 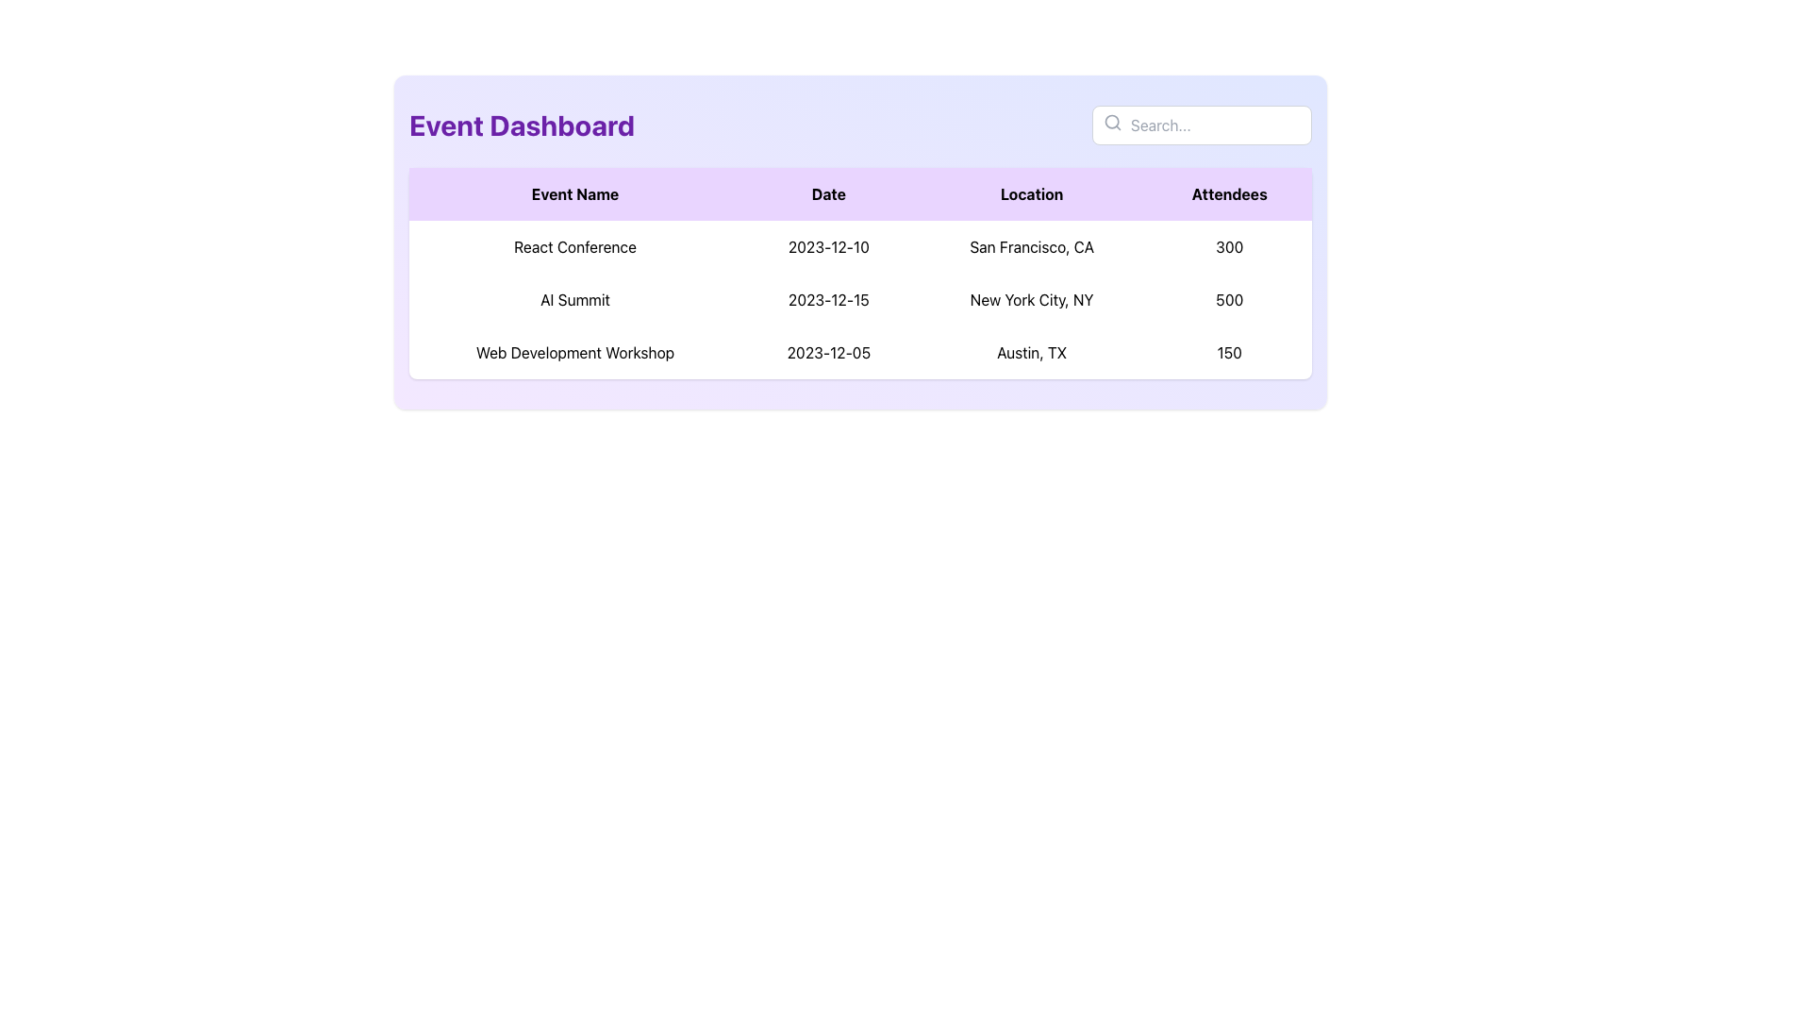 I want to click on the numeric text '150' displayed in bold black font under the 'Attendees' column for the 'Web Development Workshop' event, so click(x=1229, y=353).